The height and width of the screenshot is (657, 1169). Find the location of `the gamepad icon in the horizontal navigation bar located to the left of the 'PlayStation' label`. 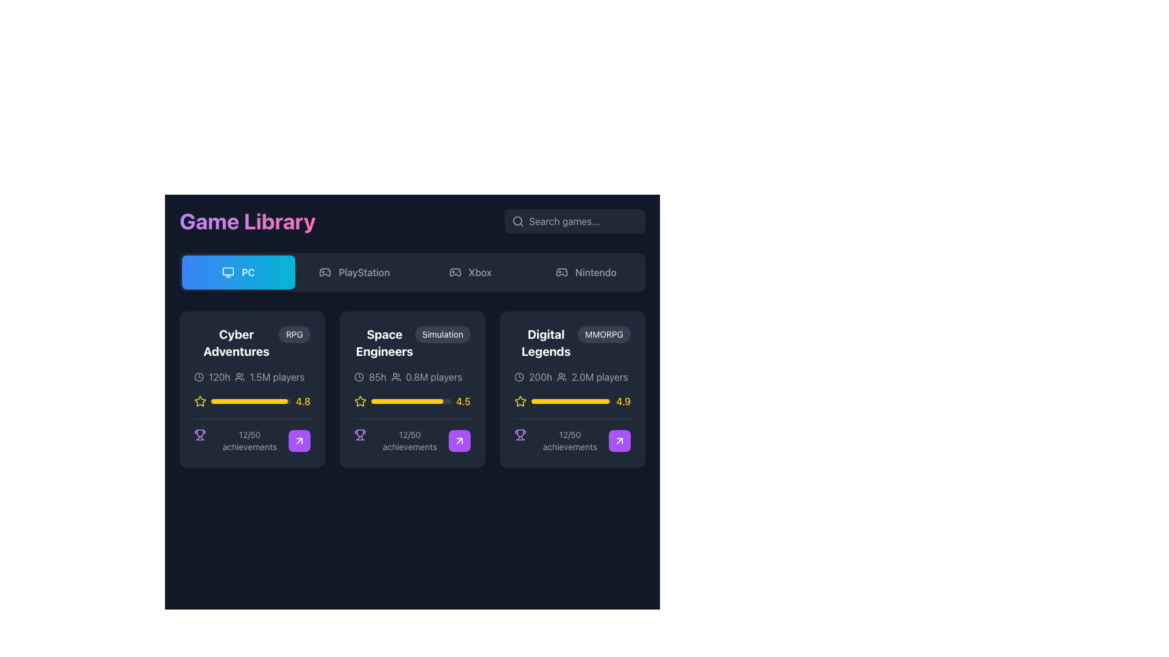

the gamepad icon in the horizontal navigation bar located to the left of the 'PlayStation' label is located at coordinates (325, 271).